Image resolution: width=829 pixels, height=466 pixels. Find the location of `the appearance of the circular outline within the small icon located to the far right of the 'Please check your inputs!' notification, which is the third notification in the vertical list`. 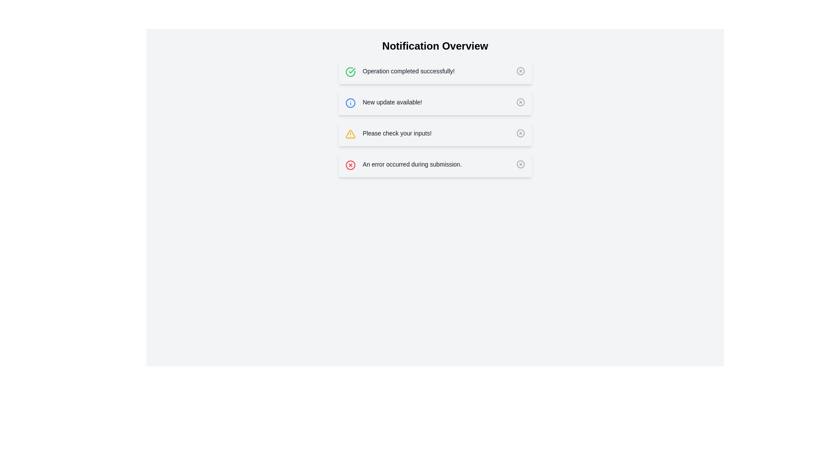

the appearance of the circular outline within the small icon located to the far right of the 'Please check your inputs!' notification, which is the third notification in the vertical list is located at coordinates (520, 133).